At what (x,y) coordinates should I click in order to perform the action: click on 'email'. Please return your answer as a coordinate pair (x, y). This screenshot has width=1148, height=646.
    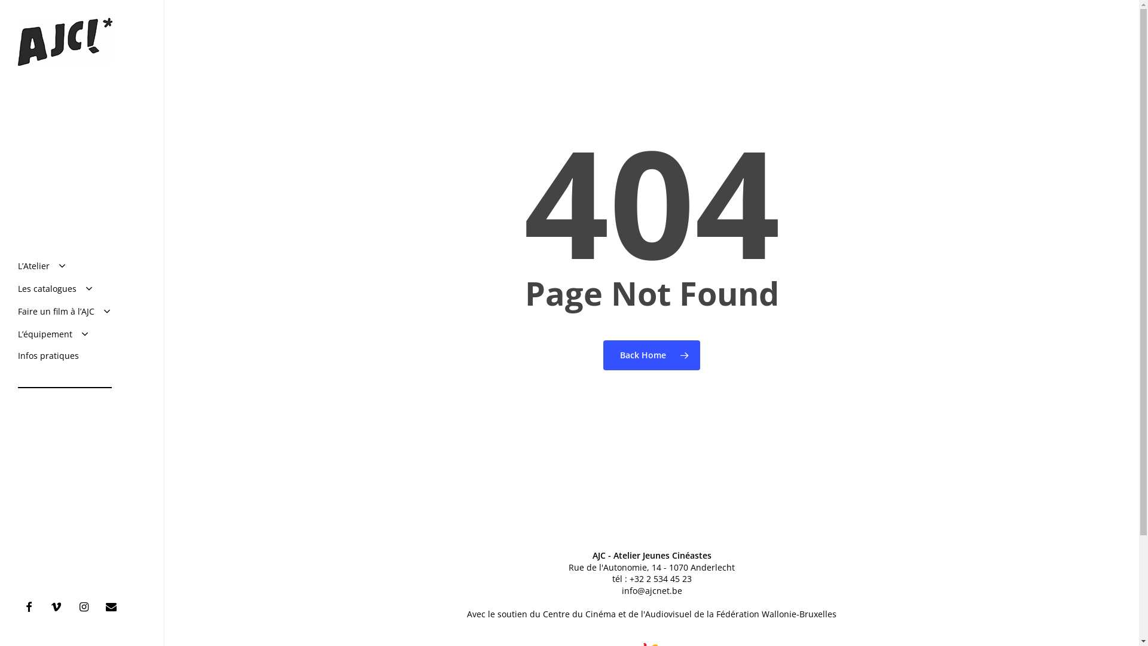
    Looking at the image, I should click on (114, 606).